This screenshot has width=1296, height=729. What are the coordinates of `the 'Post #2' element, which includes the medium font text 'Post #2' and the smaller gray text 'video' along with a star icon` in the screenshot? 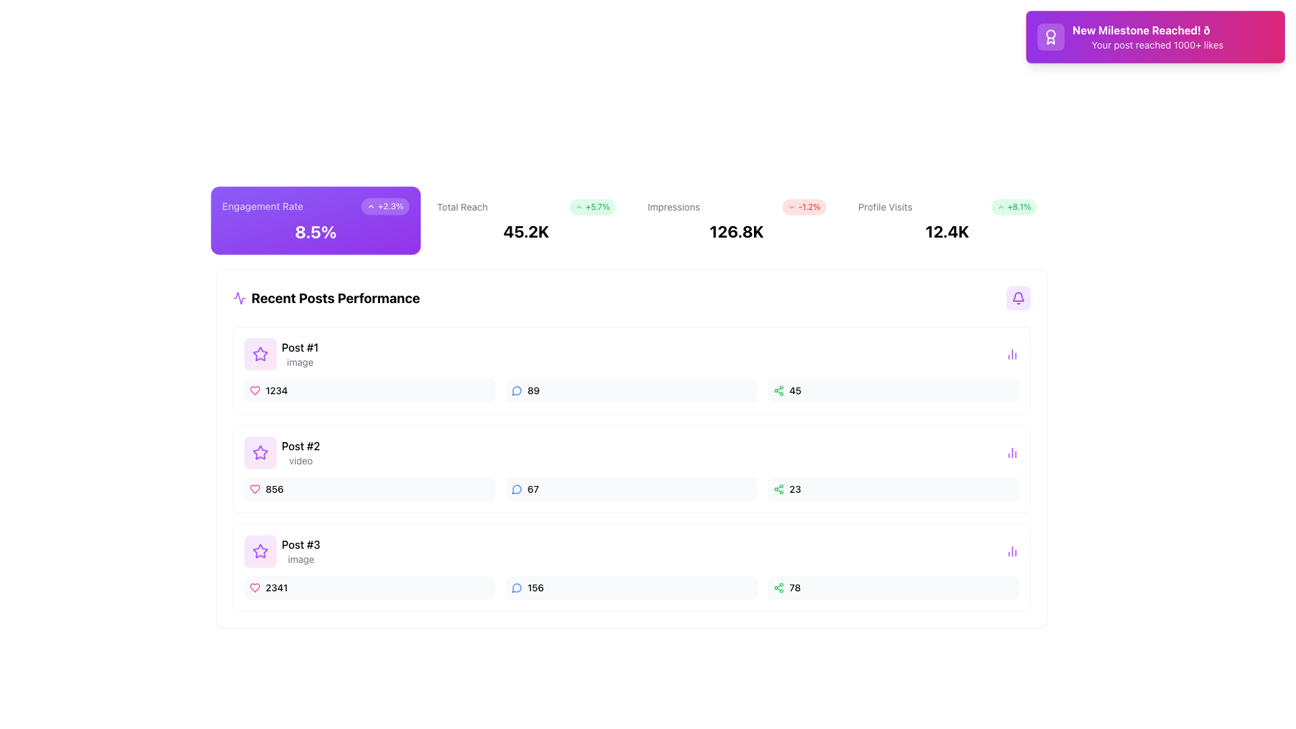 It's located at (281, 453).